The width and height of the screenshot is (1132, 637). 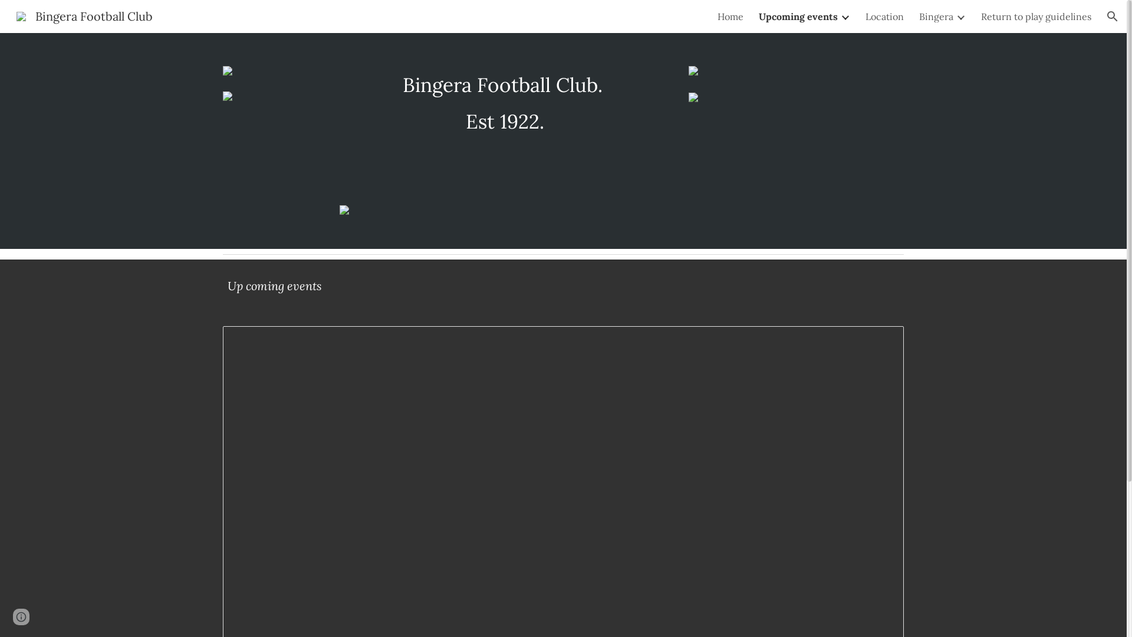 What do you see at coordinates (9, 15) in the screenshot?
I see `'Bingera Football Club'` at bounding box center [9, 15].